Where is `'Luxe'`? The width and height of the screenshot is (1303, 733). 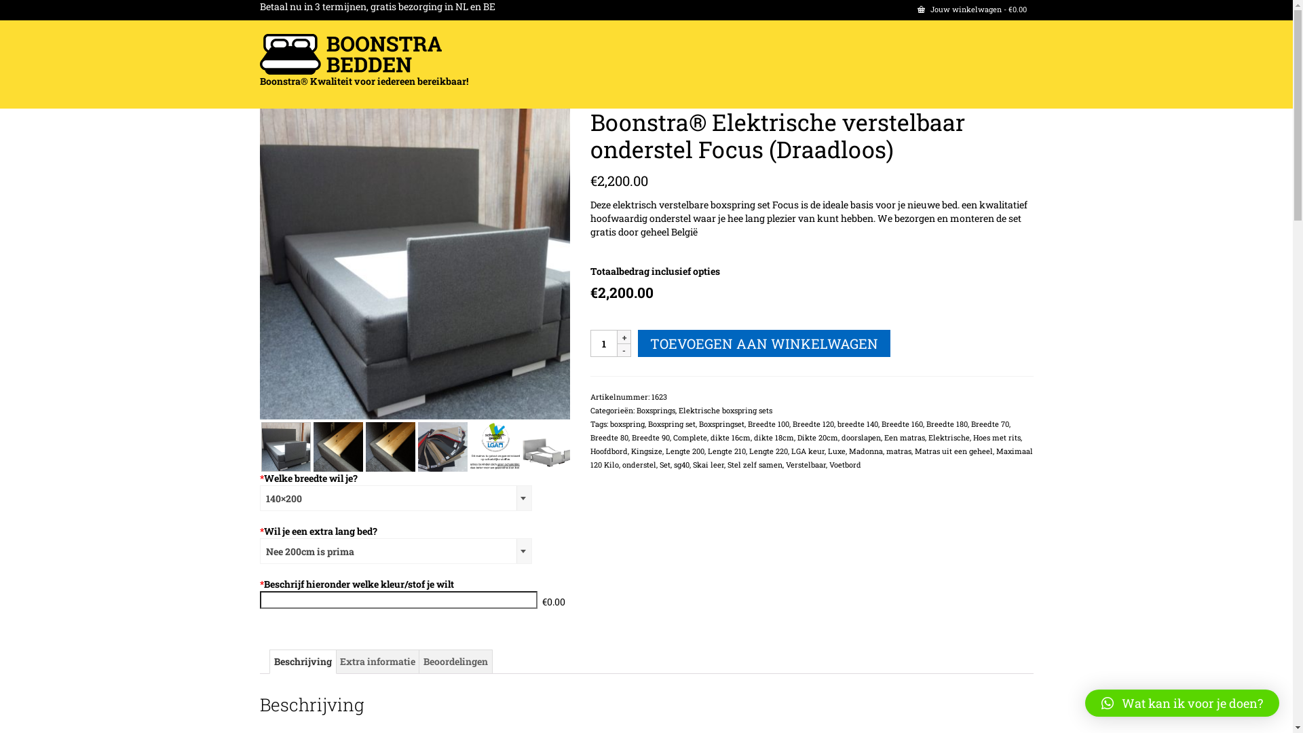
'Luxe' is located at coordinates (836, 451).